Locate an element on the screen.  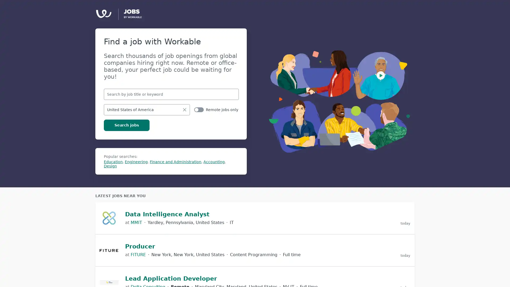
Lead Application Developer is located at coordinates (171, 278).